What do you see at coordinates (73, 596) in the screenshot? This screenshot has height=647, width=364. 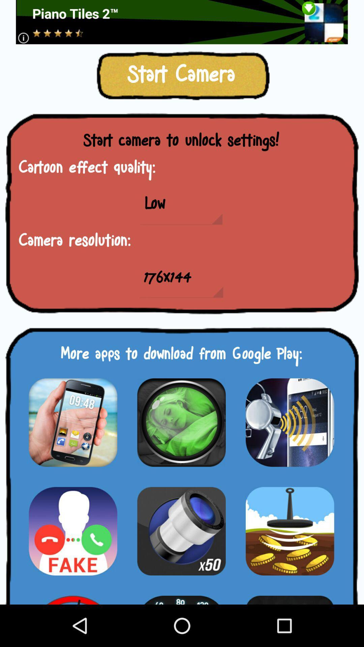 I see `download the app` at bounding box center [73, 596].